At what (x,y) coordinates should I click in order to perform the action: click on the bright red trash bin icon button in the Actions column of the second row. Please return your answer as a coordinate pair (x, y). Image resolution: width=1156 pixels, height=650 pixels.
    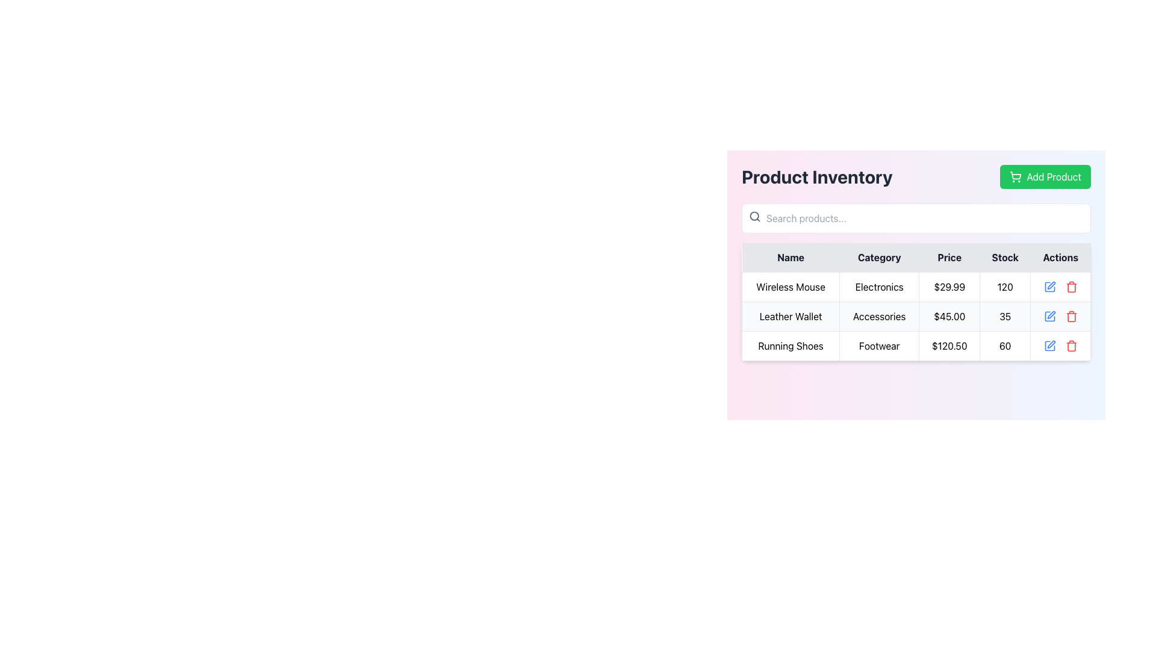
    Looking at the image, I should click on (1071, 315).